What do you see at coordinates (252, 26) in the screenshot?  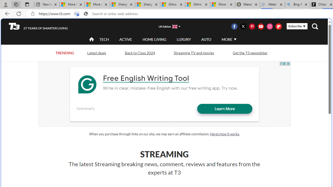 I see `'Visit us on Pintrest'` at bounding box center [252, 26].